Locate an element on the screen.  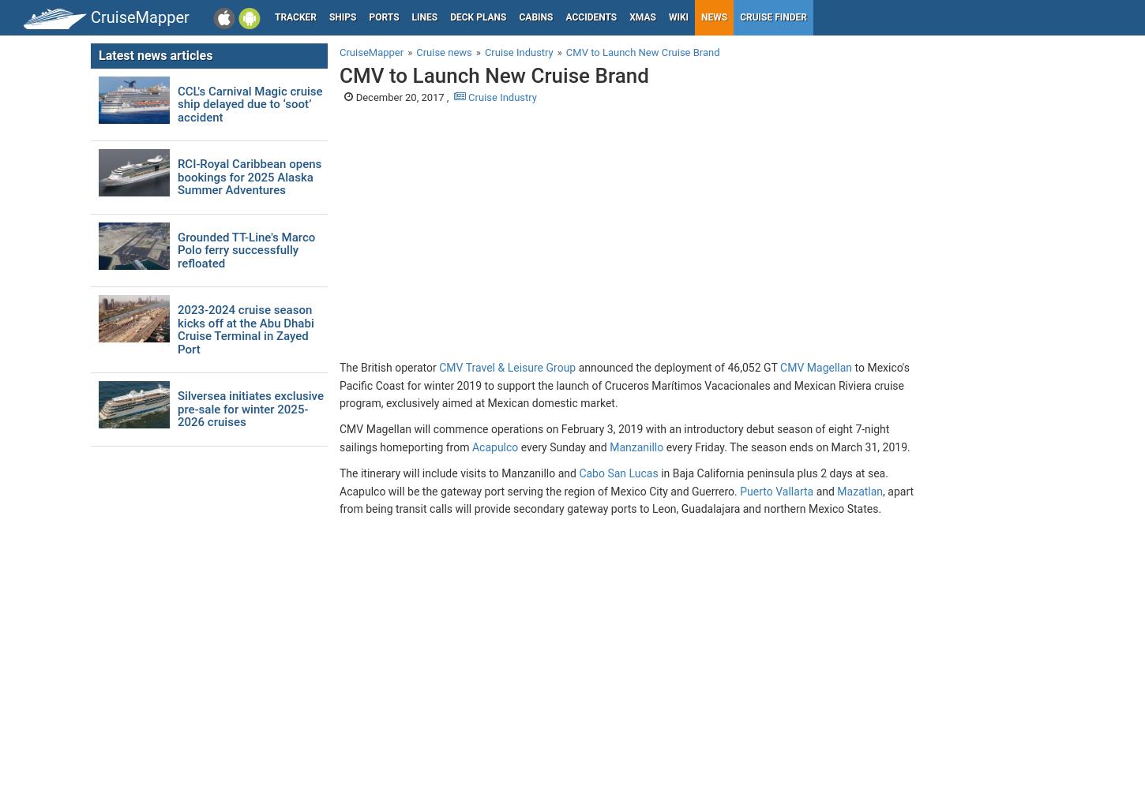
'CMV Magellan will commence operations on February 3, 2019 with an introductory debut season of eight 7-night sailings homeporting from' is located at coordinates (614, 438).